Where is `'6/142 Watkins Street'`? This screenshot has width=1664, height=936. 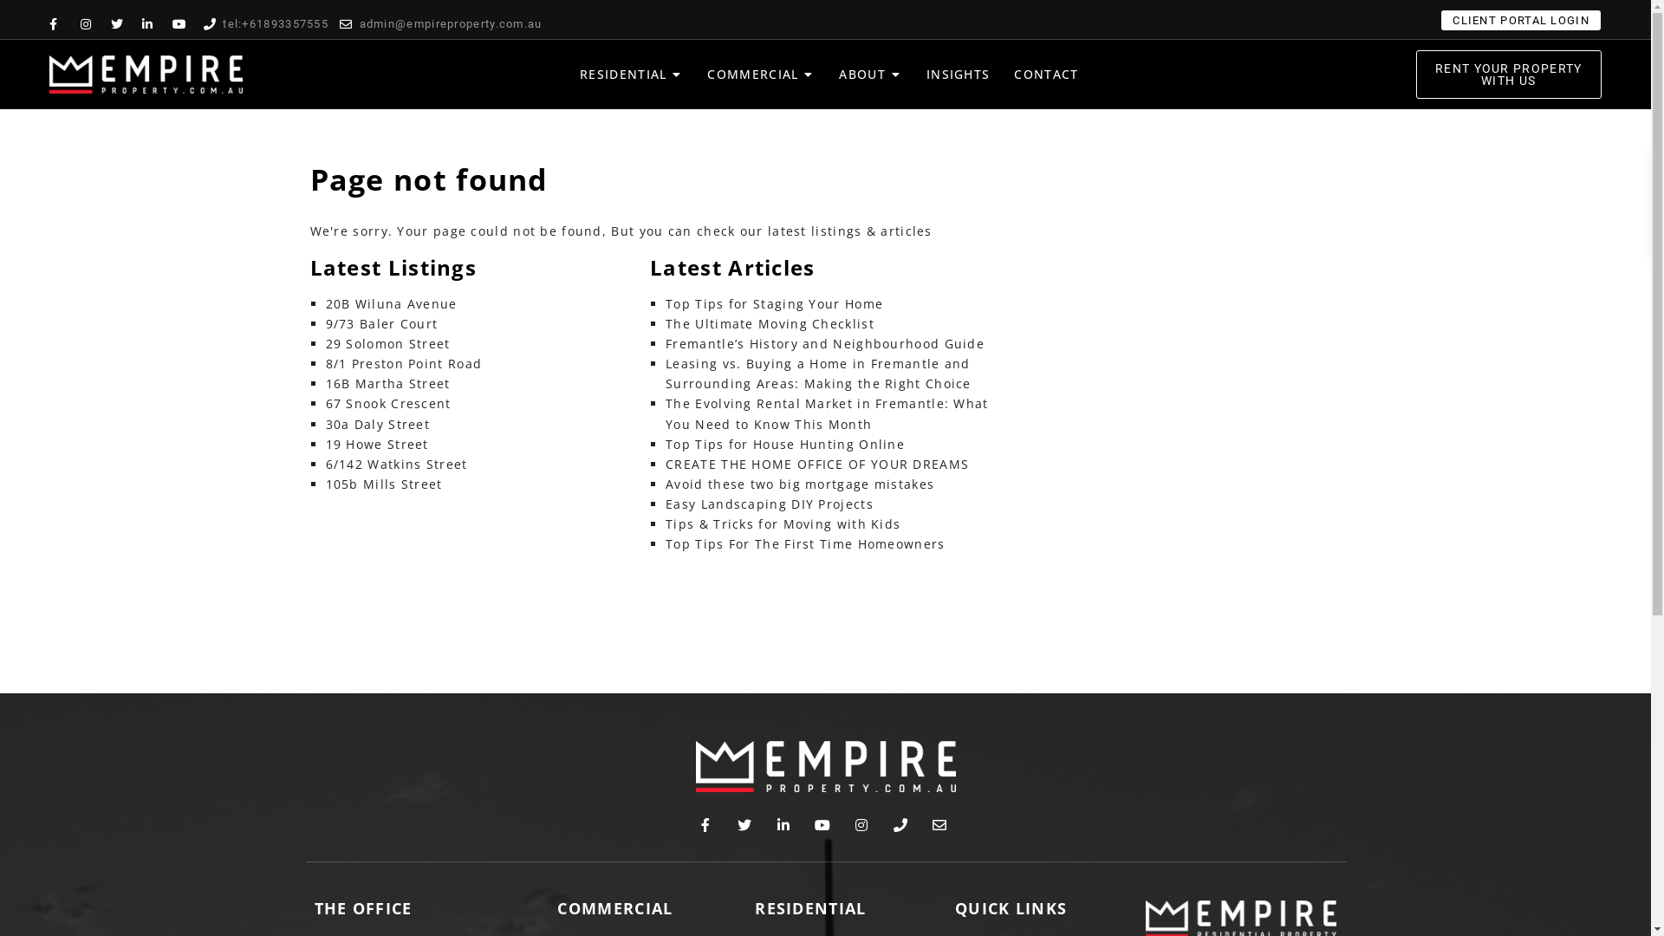 '6/142 Watkins Street' is located at coordinates (395, 463).